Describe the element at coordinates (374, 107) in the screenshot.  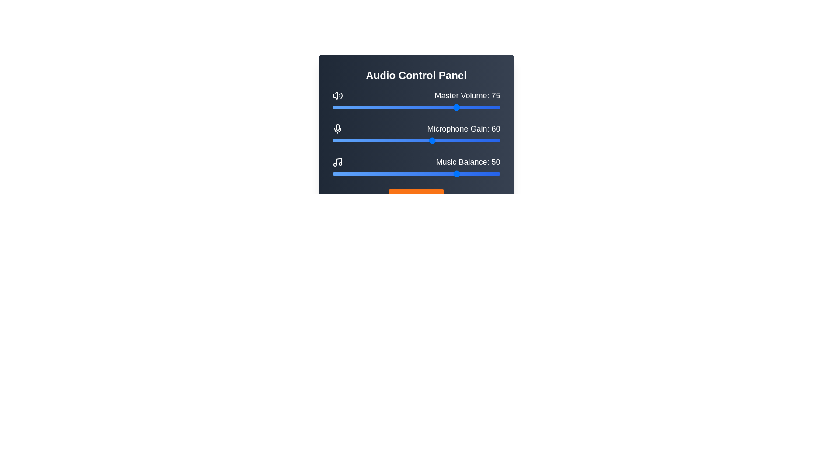
I see `the Master Volume slider to 25` at that location.